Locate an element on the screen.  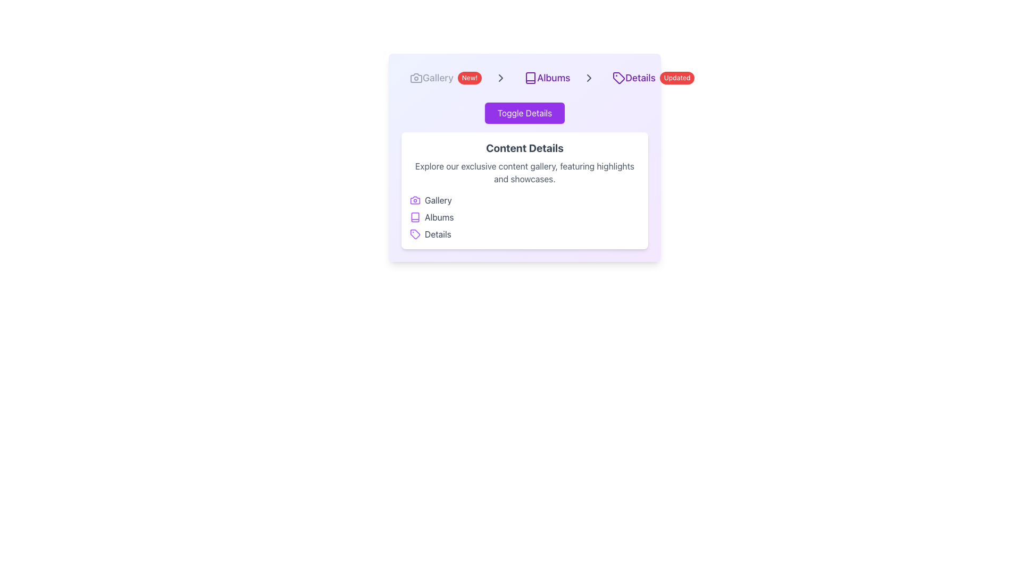
the text label in the breadcrumb navigation that indicates a navigational point, located immediately to the right of a tag icon is located at coordinates (640, 77).